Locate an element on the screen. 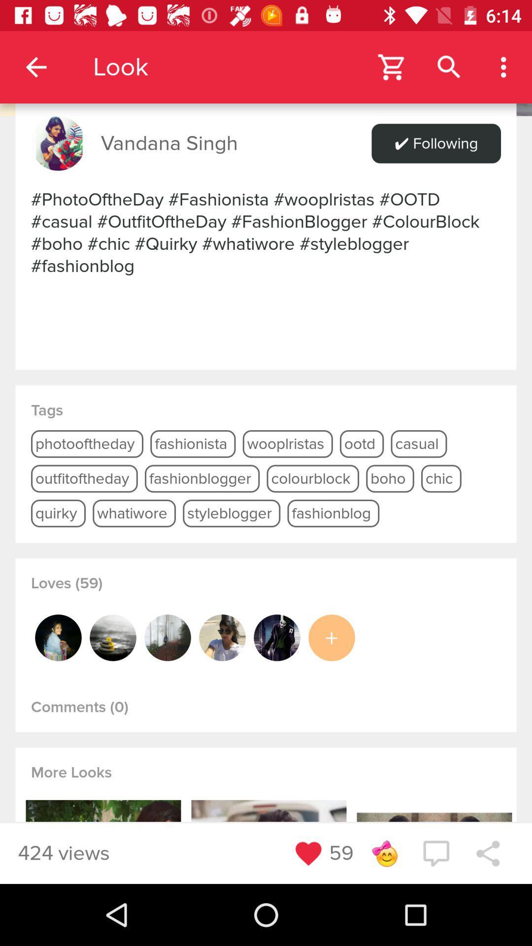  icon below the loves (59) icon is located at coordinates (222, 638).